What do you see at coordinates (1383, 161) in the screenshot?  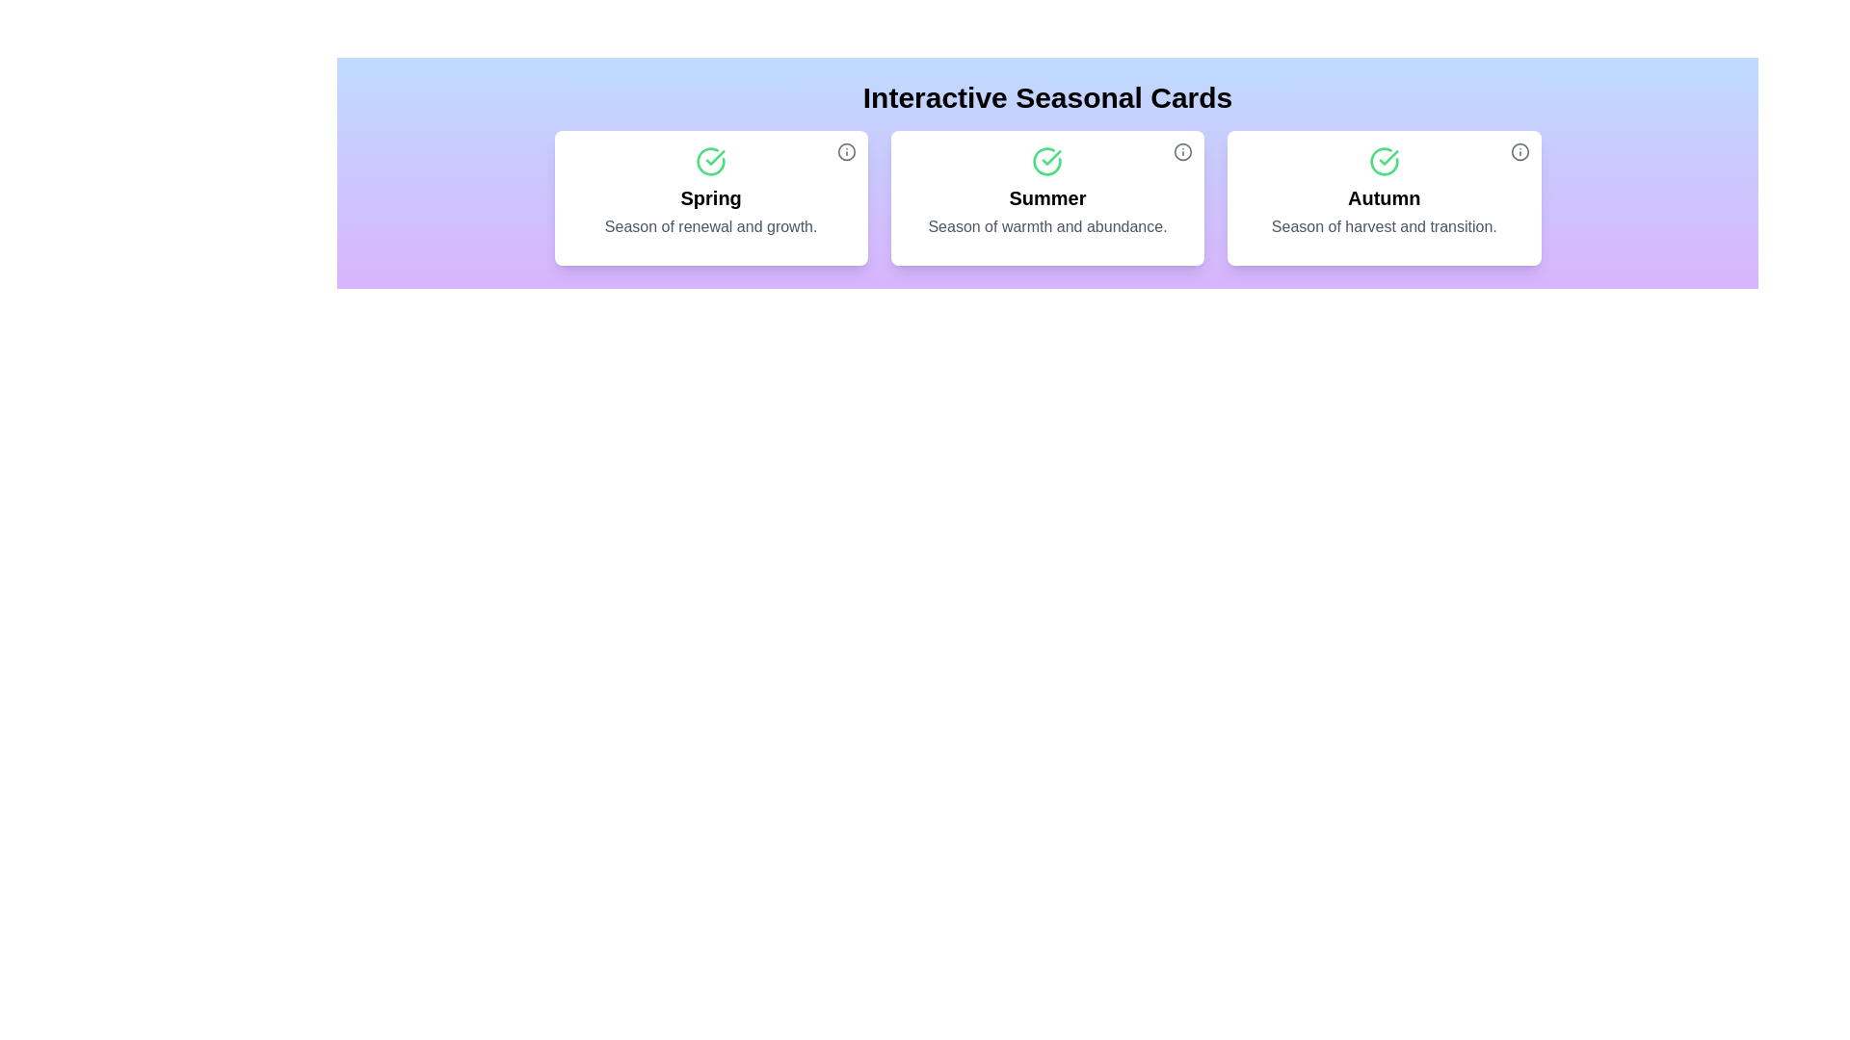 I see `the circular confirmation icon with a green border located at the top-left of the 'Autumn' card, which features a check mark` at bounding box center [1383, 161].